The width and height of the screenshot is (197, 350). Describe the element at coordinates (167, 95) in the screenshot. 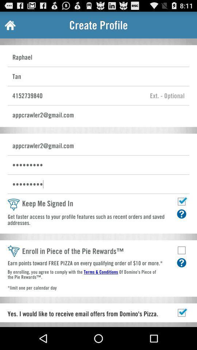

I see `phone extension` at that location.